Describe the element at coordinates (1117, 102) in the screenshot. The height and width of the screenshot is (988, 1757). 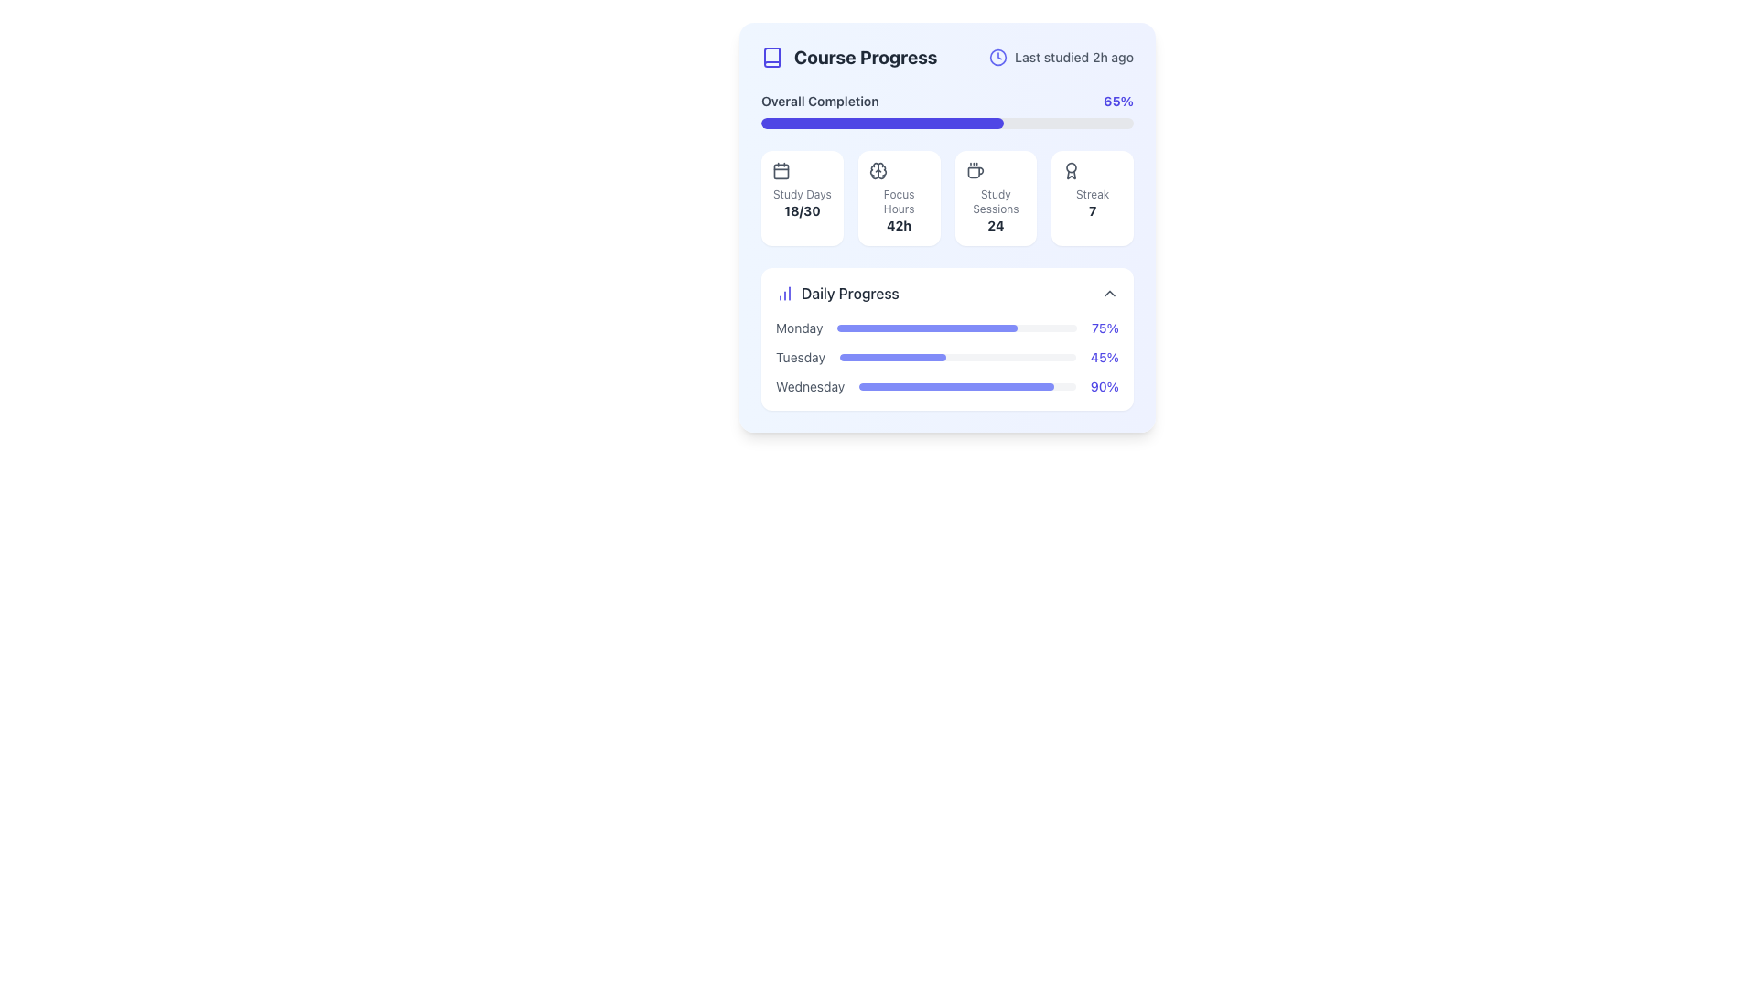
I see `the informational text indicating the overall completion percentage of the course, located on the right side within the 'Overall Completion' section of the 'Course Progress' card` at that location.